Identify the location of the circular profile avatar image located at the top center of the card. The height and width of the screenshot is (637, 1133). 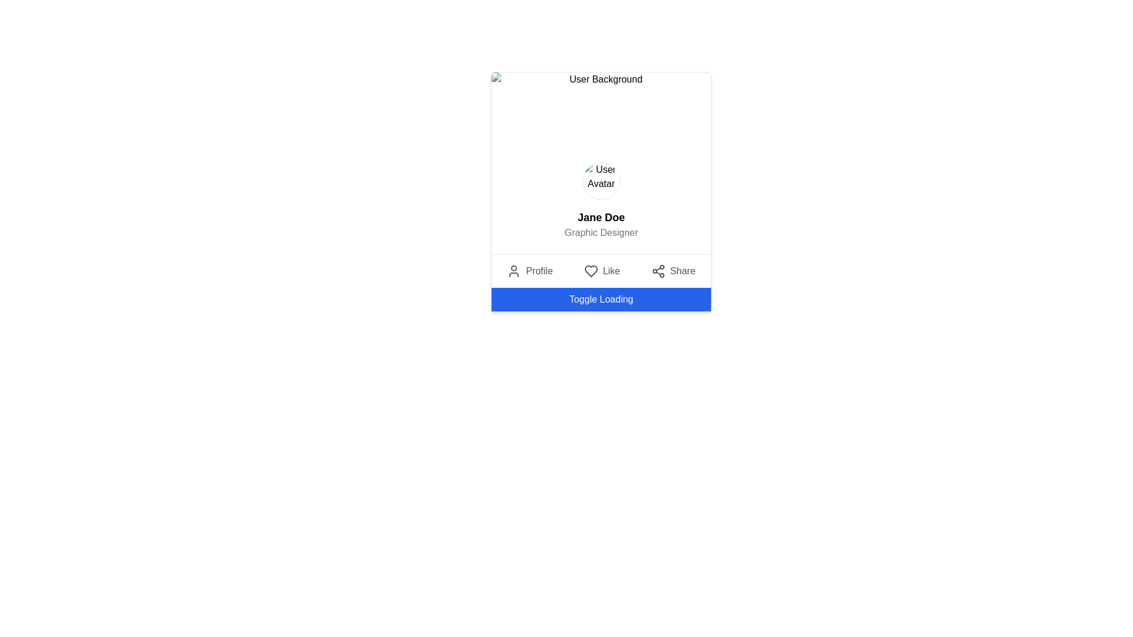
(601, 181).